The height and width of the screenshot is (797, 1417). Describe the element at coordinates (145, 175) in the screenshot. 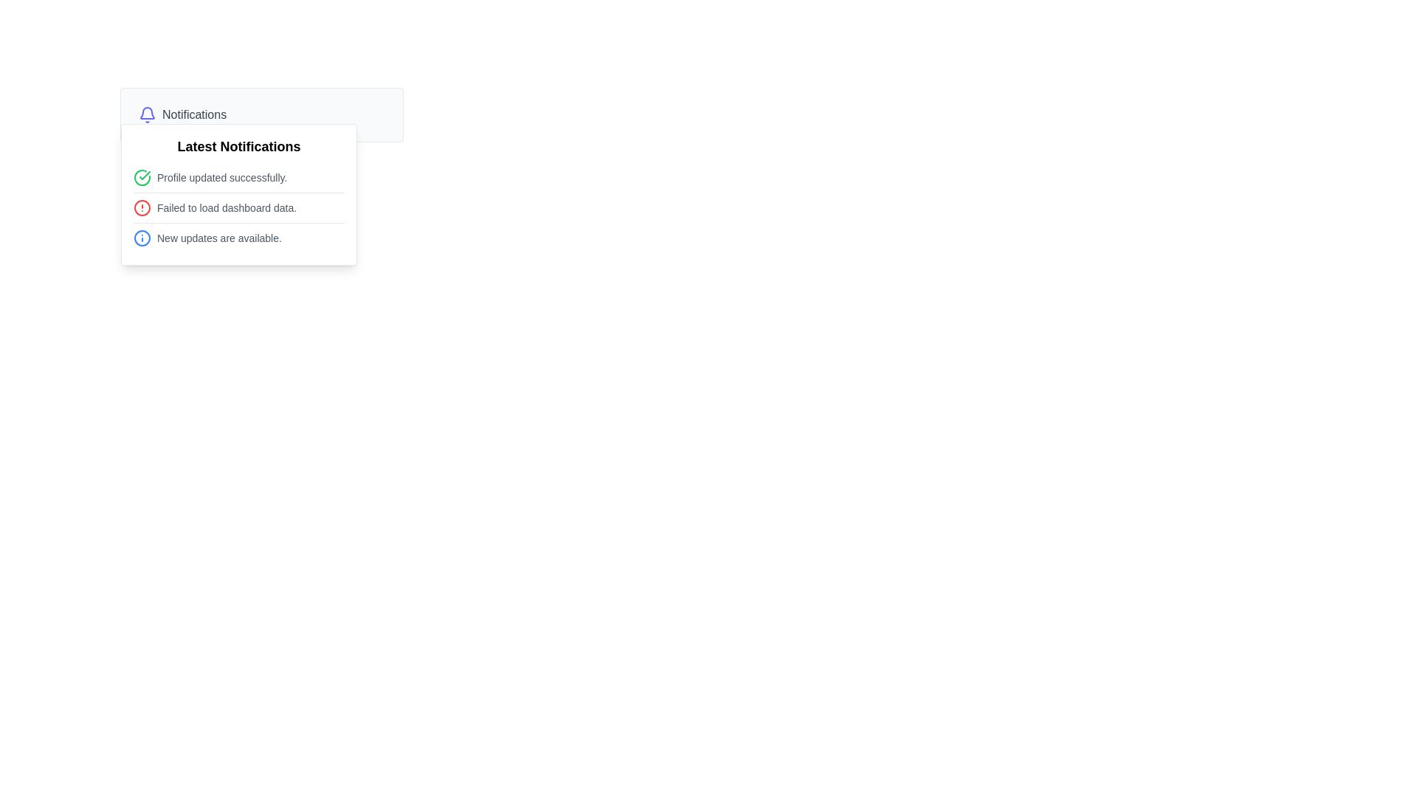

I see `the icon that signifies the successful completion of the 'Profile updated successfully' notification in the notifications drop-down menu` at that location.